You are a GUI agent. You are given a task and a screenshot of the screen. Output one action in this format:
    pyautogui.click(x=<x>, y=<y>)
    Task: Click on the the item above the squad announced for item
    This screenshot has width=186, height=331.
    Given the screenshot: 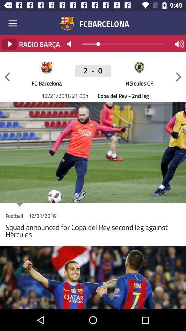 What is the action you would take?
    pyautogui.click(x=14, y=217)
    